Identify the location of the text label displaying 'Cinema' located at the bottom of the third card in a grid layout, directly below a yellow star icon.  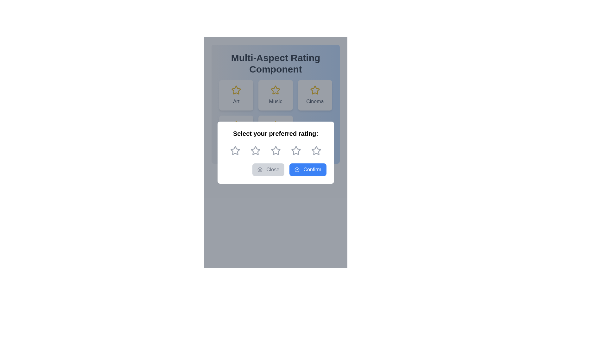
(315, 101).